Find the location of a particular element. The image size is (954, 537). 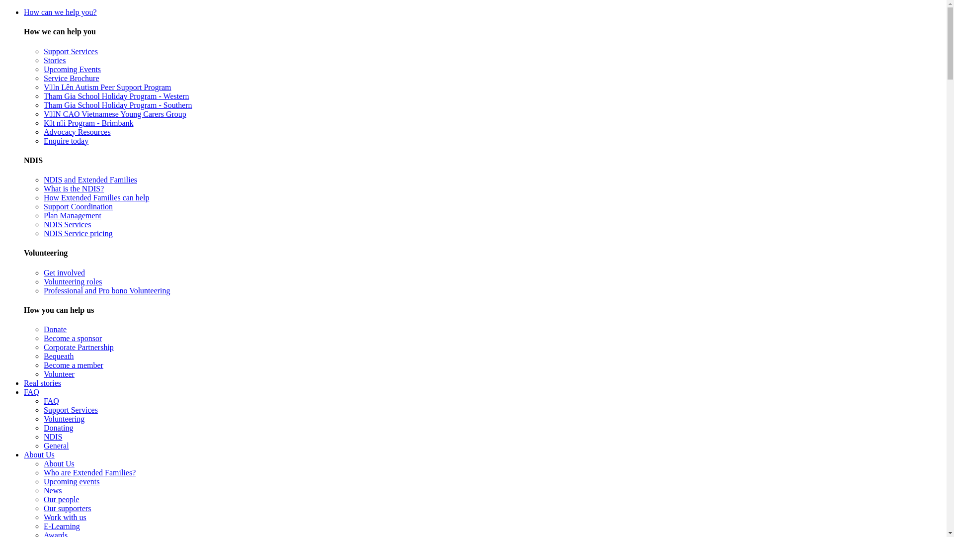

'What is the NDIS?' is located at coordinates (73, 188).